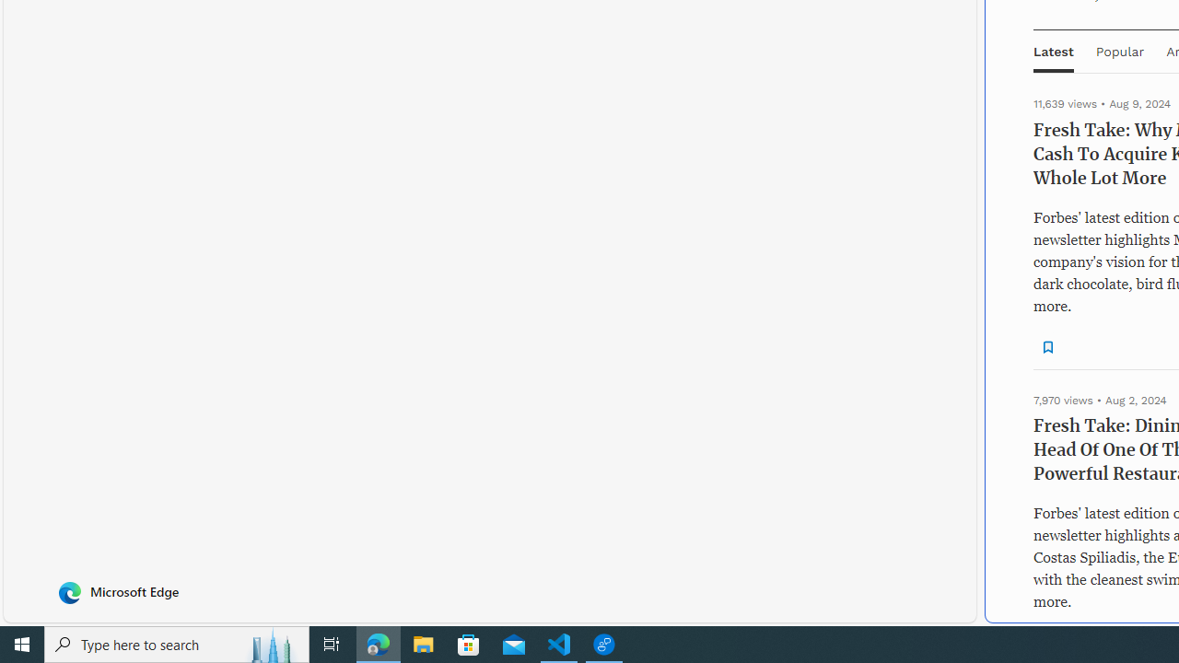  Describe the element at coordinates (1054, 51) in the screenshot. I see `'Latest'` at that location.